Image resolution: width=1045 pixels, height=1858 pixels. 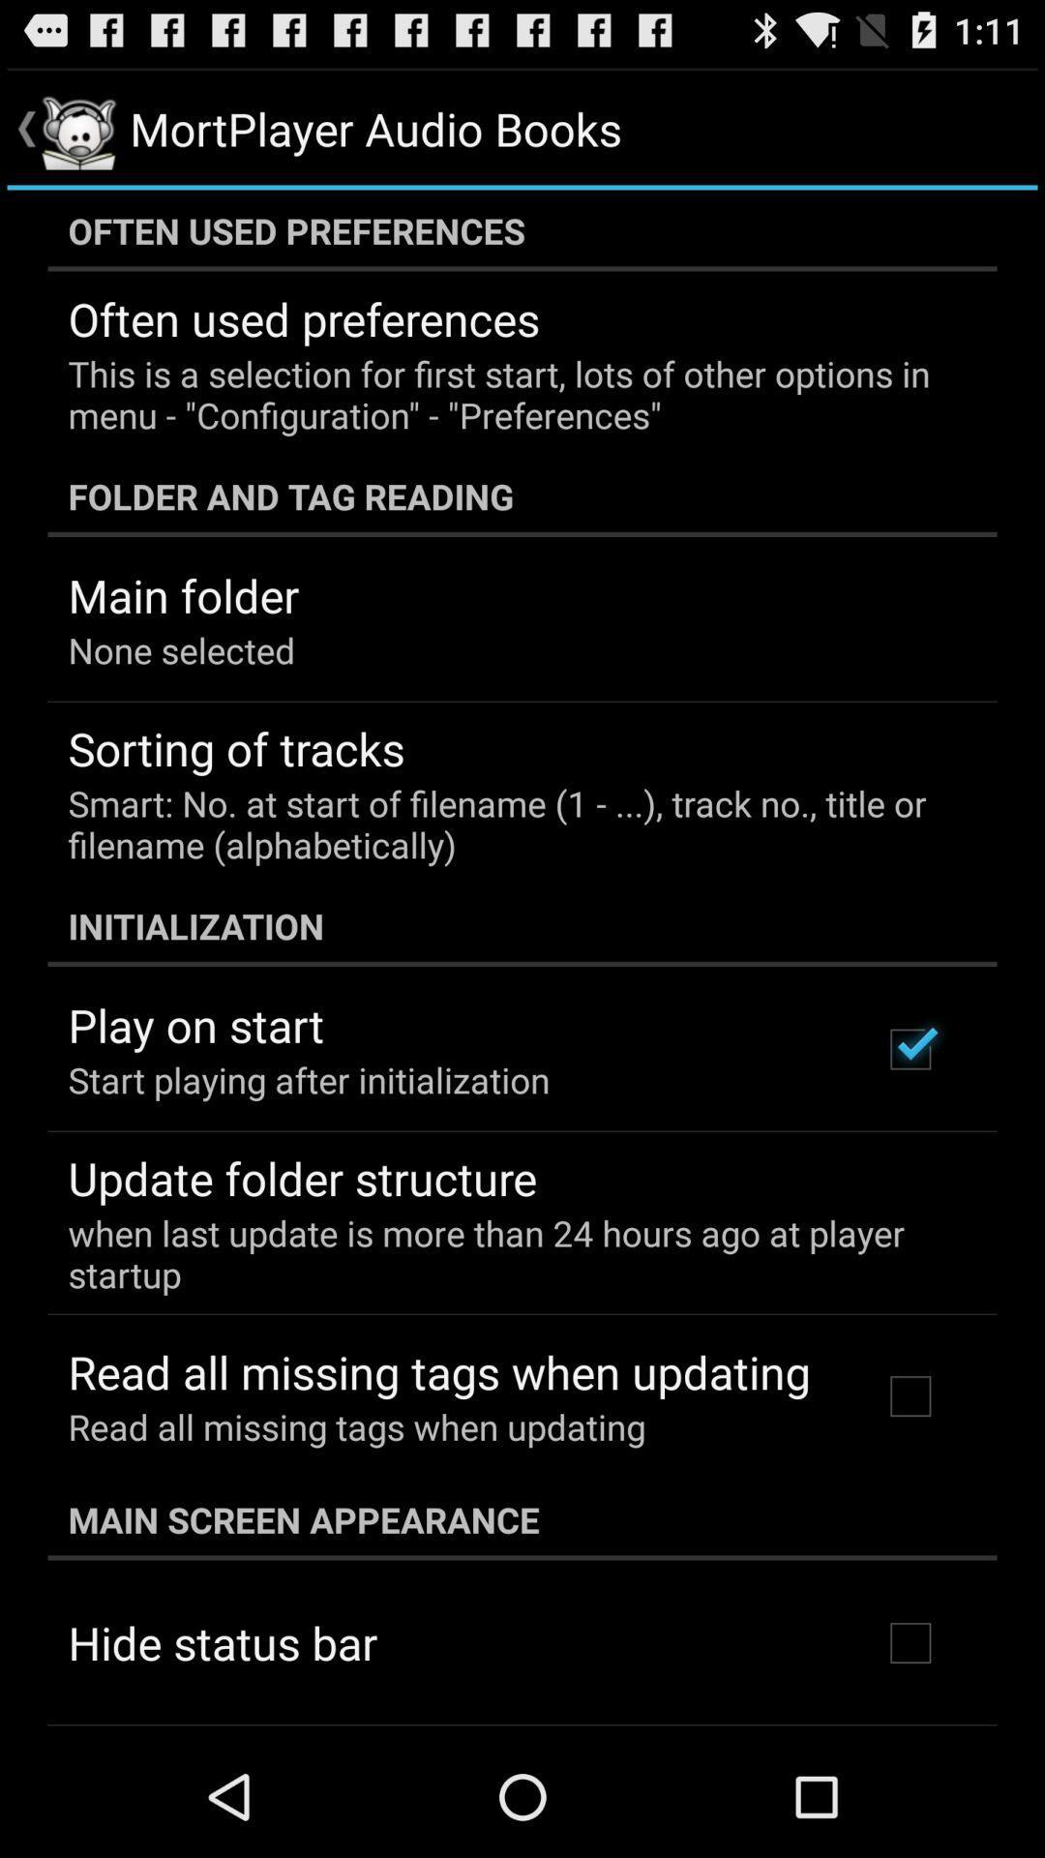 I want to click on the item above initialization, so click(x=508, y=824).